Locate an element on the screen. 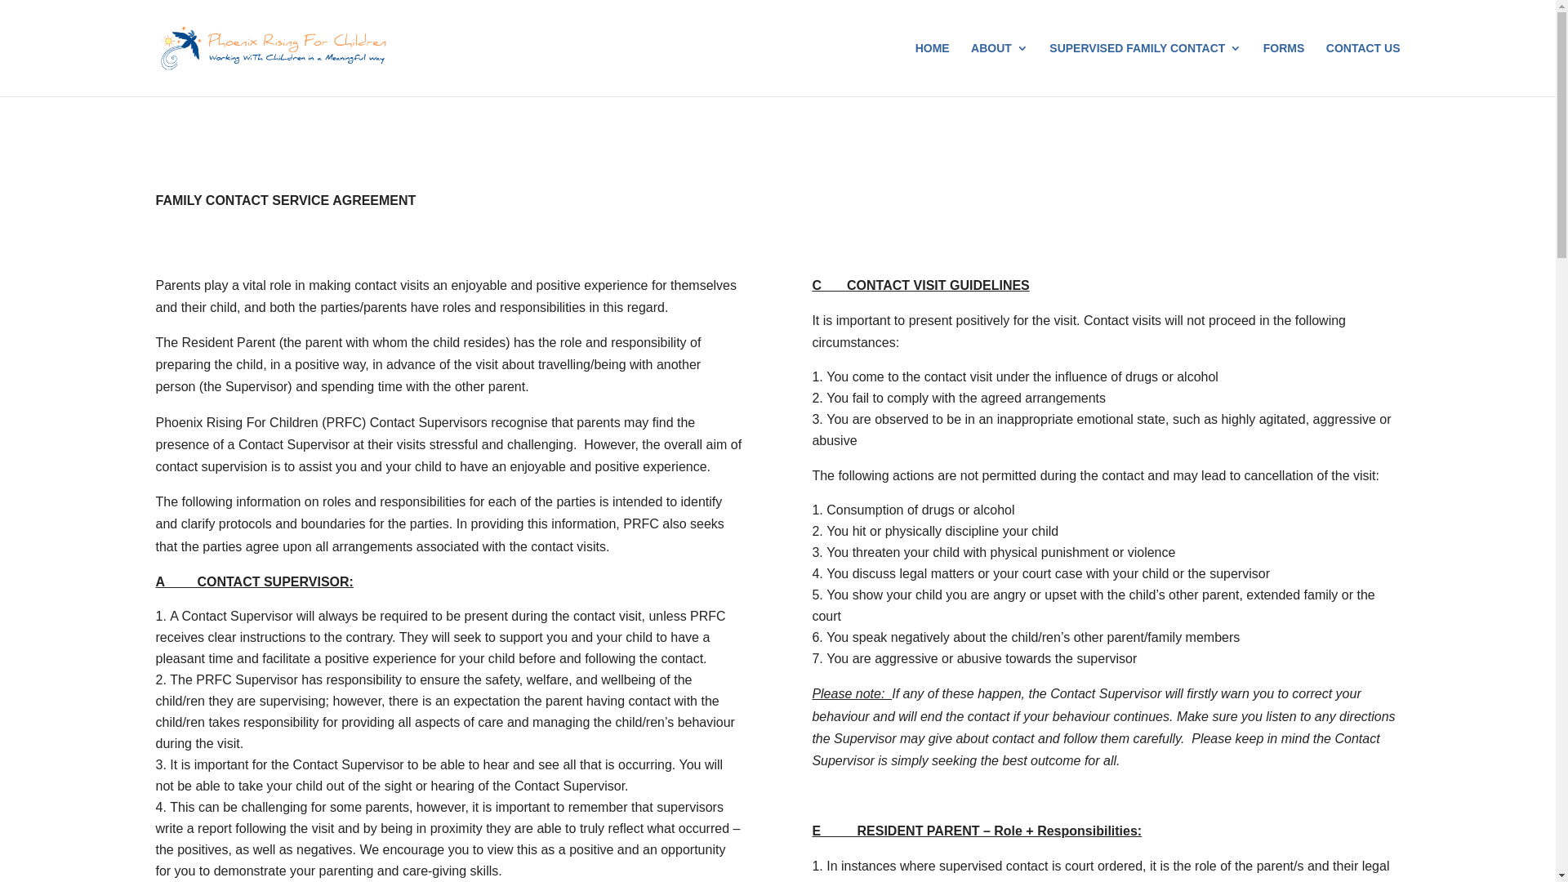 This screenshot has height=882, width=1568. 'FORMS' is located at coordinates (1262, 68).